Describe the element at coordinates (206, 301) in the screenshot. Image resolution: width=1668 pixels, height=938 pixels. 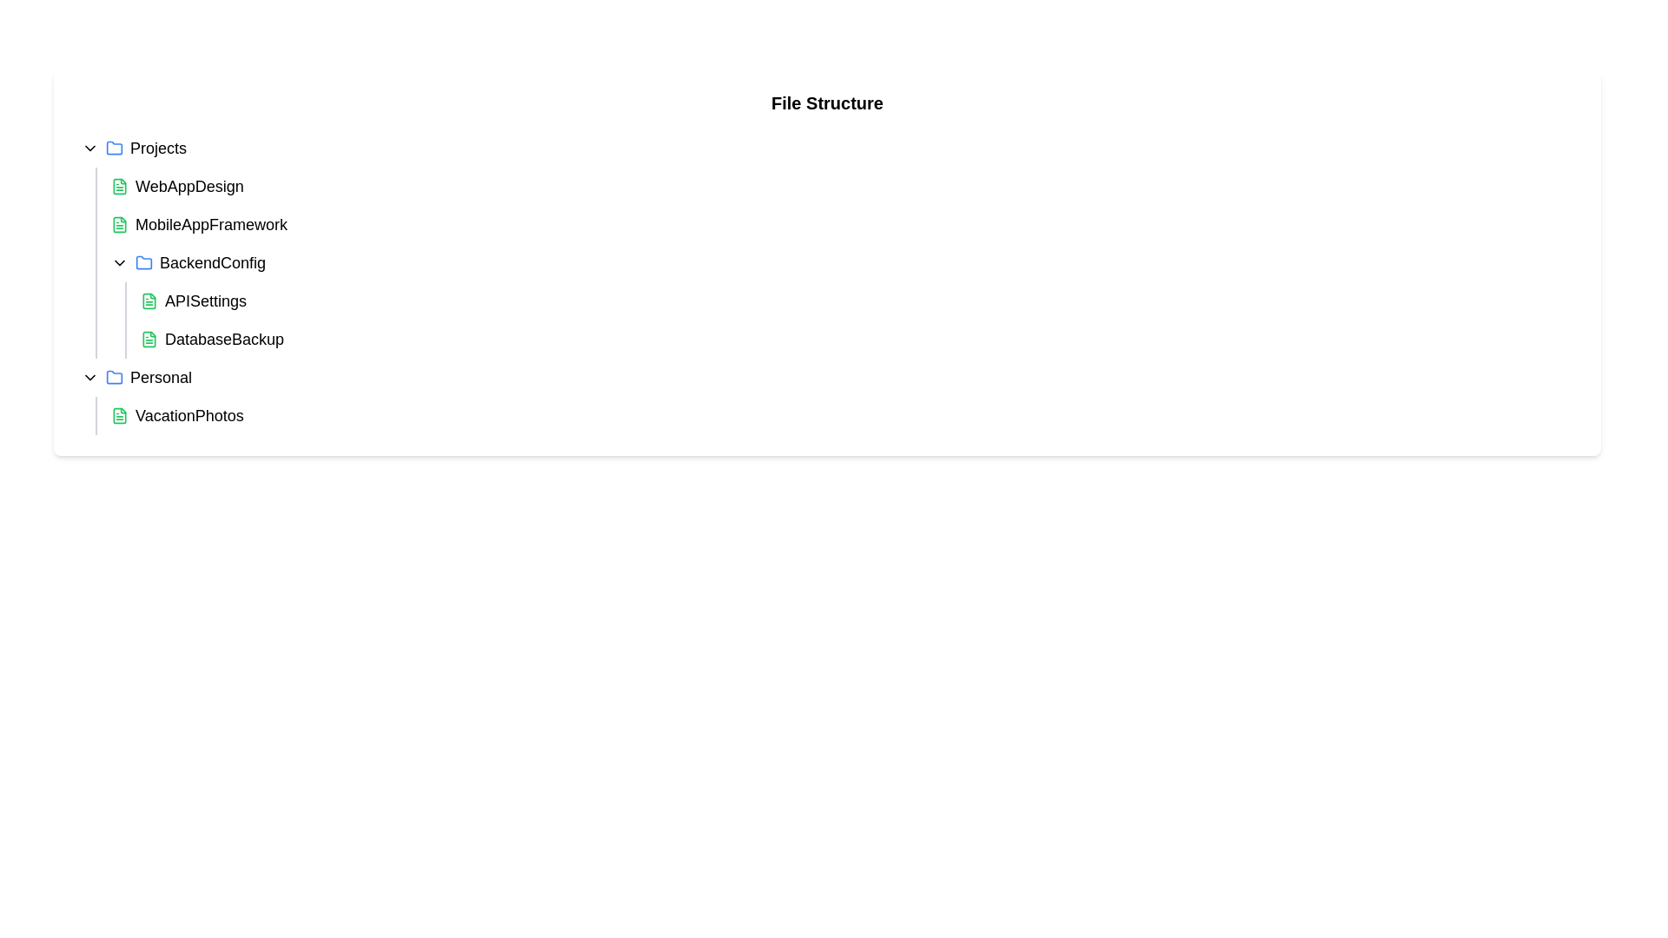
I see `the 'APISettings' text label, which is a bold medium-sized label located under the 'BackendConfig' folder in the file structure interface` at that location.